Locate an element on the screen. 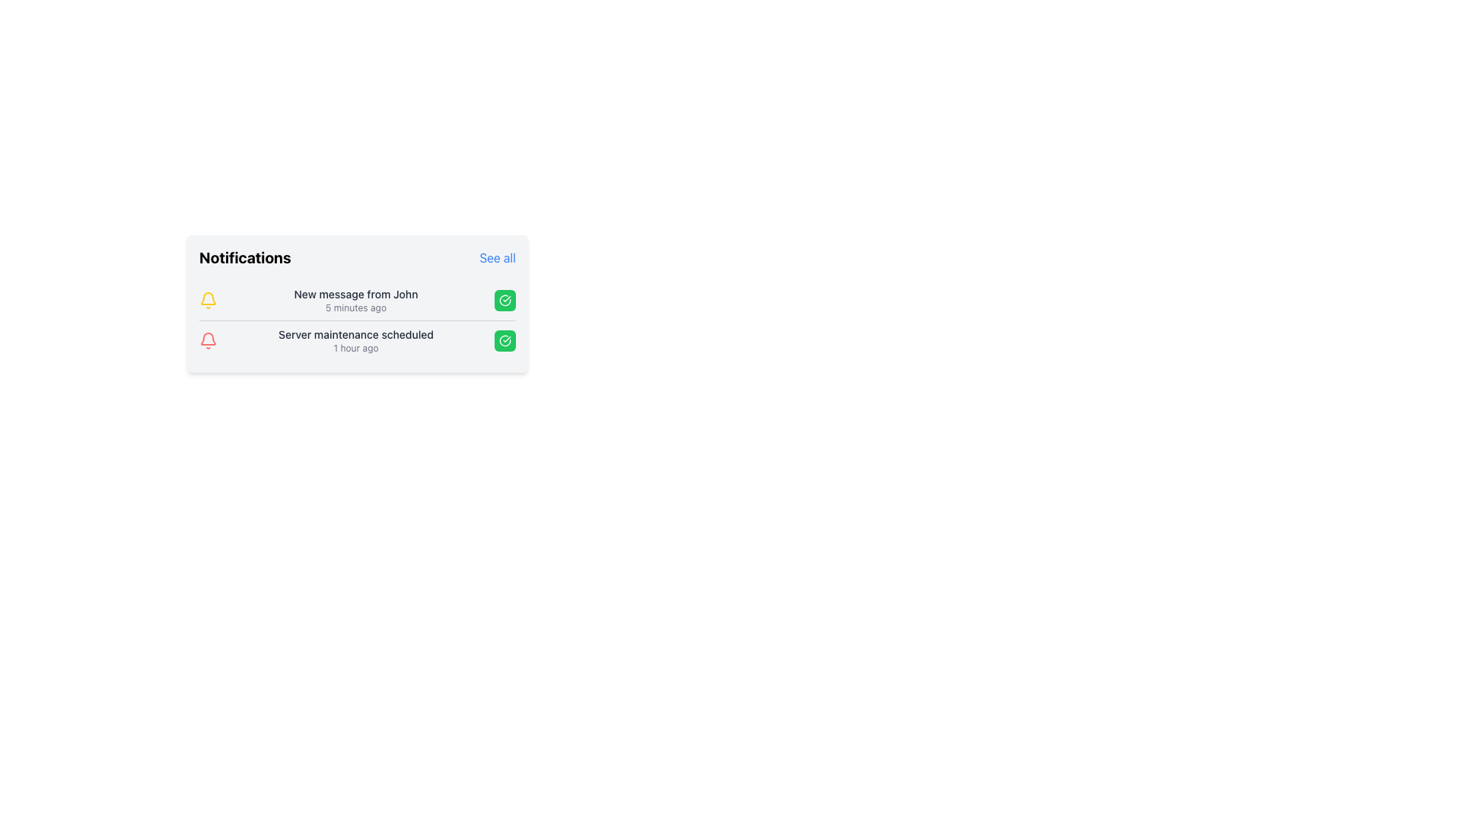 Image resolution: width=1461 pixels, height=822 pixels. the curved line segment of the green circular checkmark icon indicating 'Server maintenance scheduled' in the notification bar is located at coordinates (505, 300).